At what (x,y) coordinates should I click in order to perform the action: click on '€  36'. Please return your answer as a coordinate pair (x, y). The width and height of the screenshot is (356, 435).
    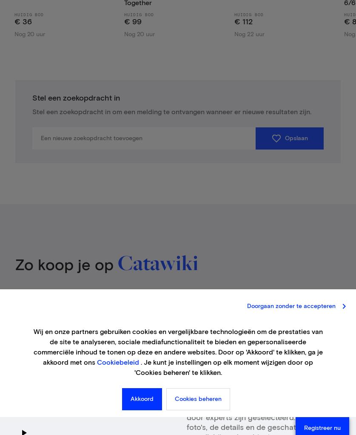
    Looking at the image, I should click on (23, 22).